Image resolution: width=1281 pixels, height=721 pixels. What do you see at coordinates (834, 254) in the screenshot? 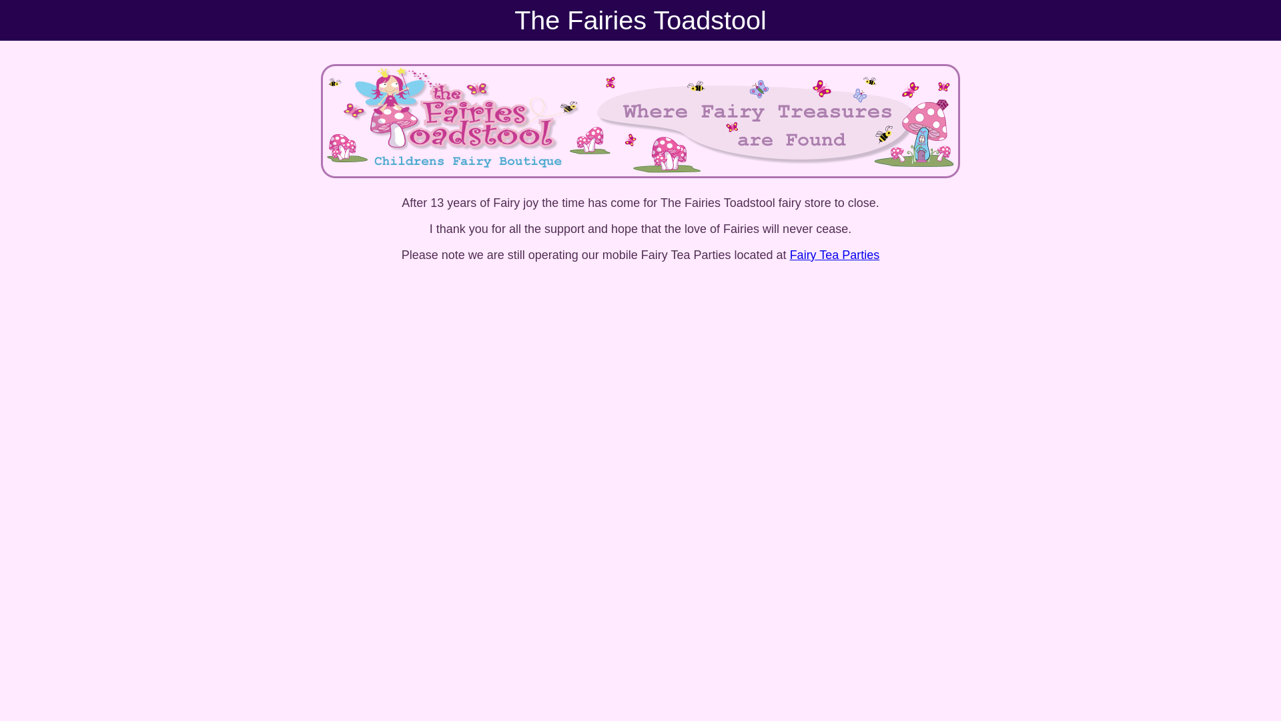
I see `'Fairy Tea Parties'` at bounding box center [834, 254].